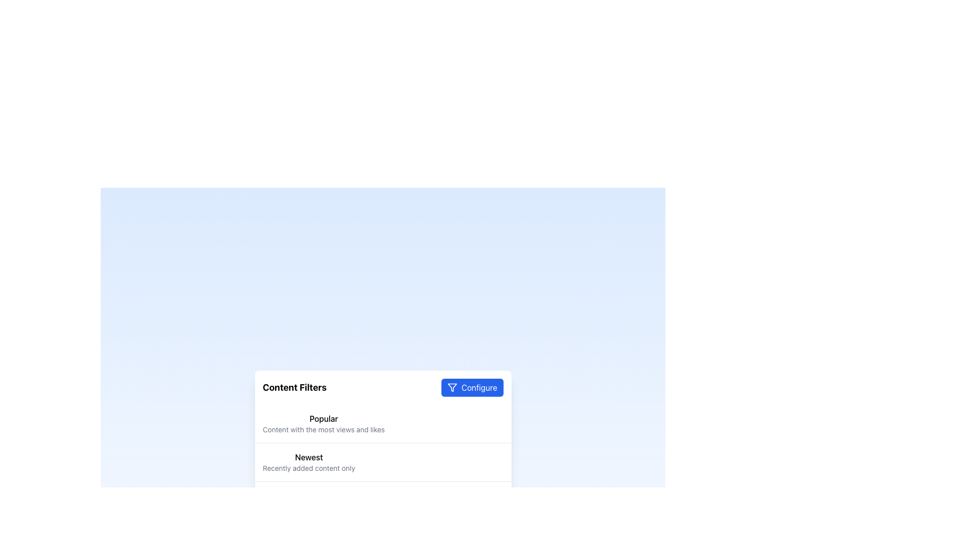 Image resolution: width=962 pixels, height=541 pixels. Describe the element at coordinates (382, 423) in the screenshot. I see `to select the 'Popular' category from the top entry in the 'Content Filters' list, which displays the first line as 'Popular' in bold black font and the second line as 'Content with the most views and likes' in gray font` at that location.